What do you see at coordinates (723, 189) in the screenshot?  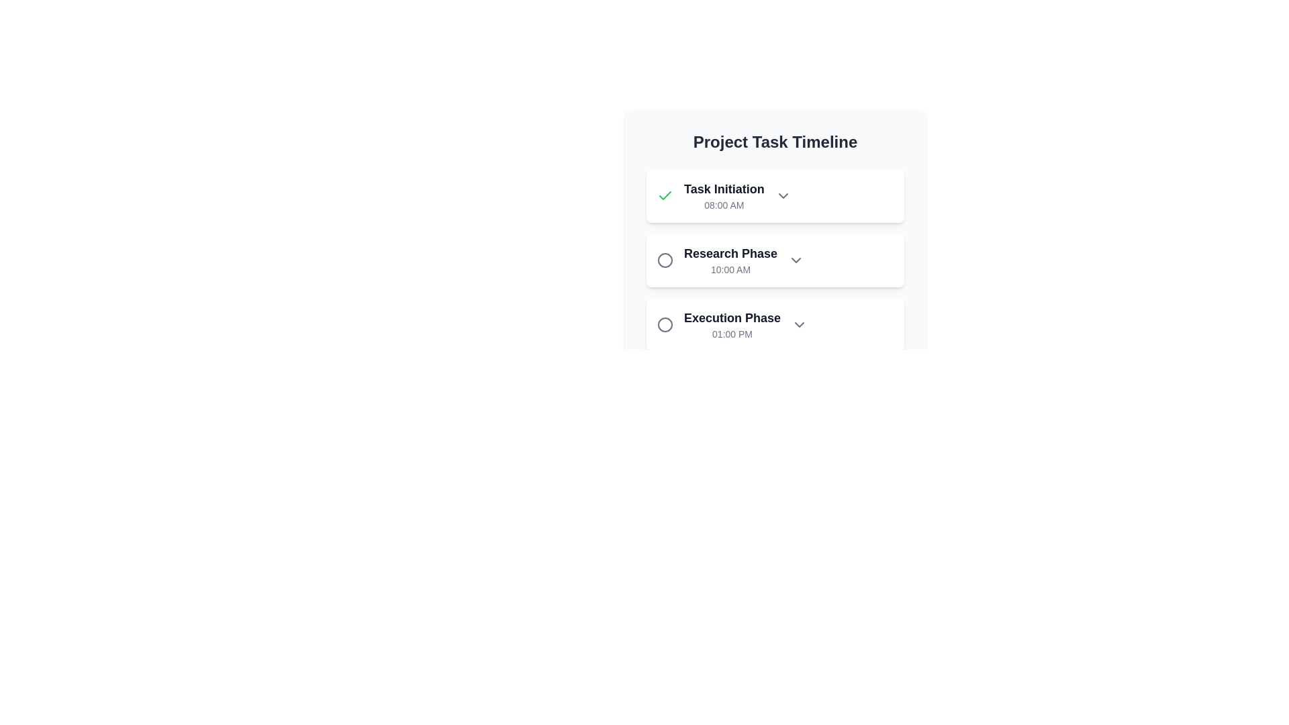 I see `the text label displaying 'Task Initiation' which is styled as a bold, large title in dark gray or black within the 'Project Task Timeline' card` at bounding box center [723, 189].